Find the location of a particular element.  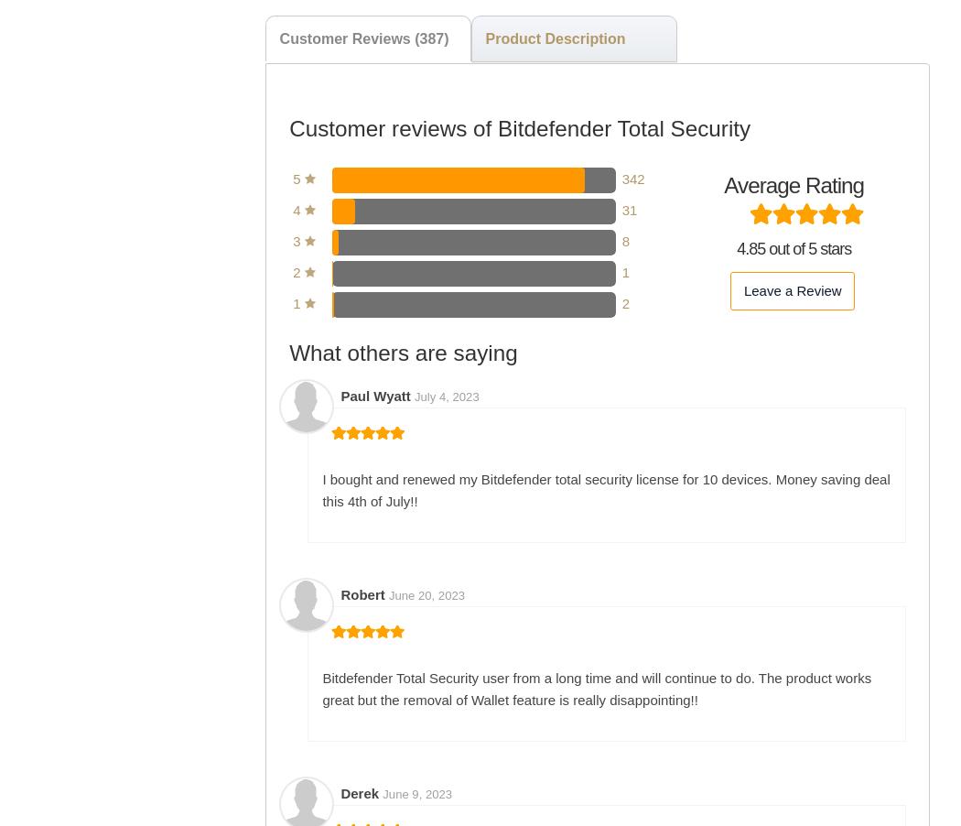

'Robert' is located at coordinates (363, 592).